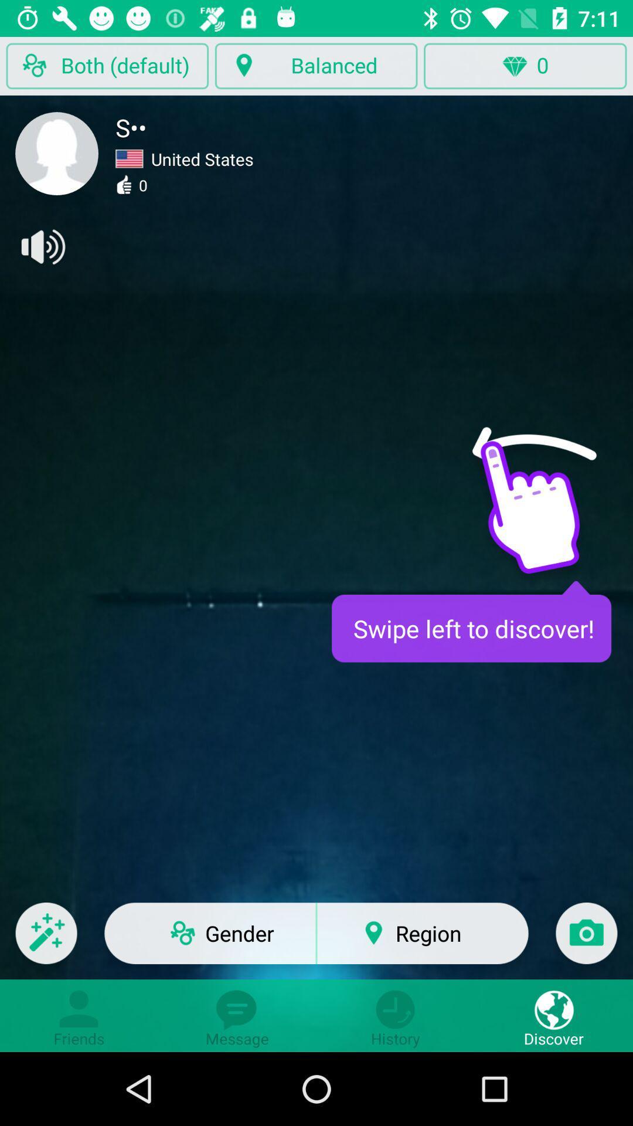  Describe the element at coordinates (57, 153) in the screenshot. I see `contact` at that location.